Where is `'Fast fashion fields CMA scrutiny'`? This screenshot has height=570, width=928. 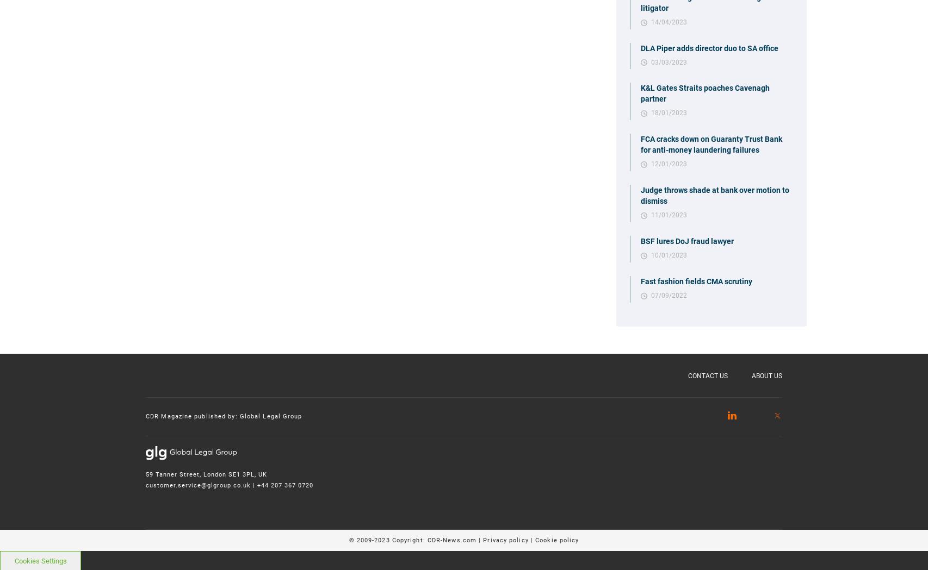 'Fast fashion fields CMA scrutiny' is located at coordinates (696, 280).